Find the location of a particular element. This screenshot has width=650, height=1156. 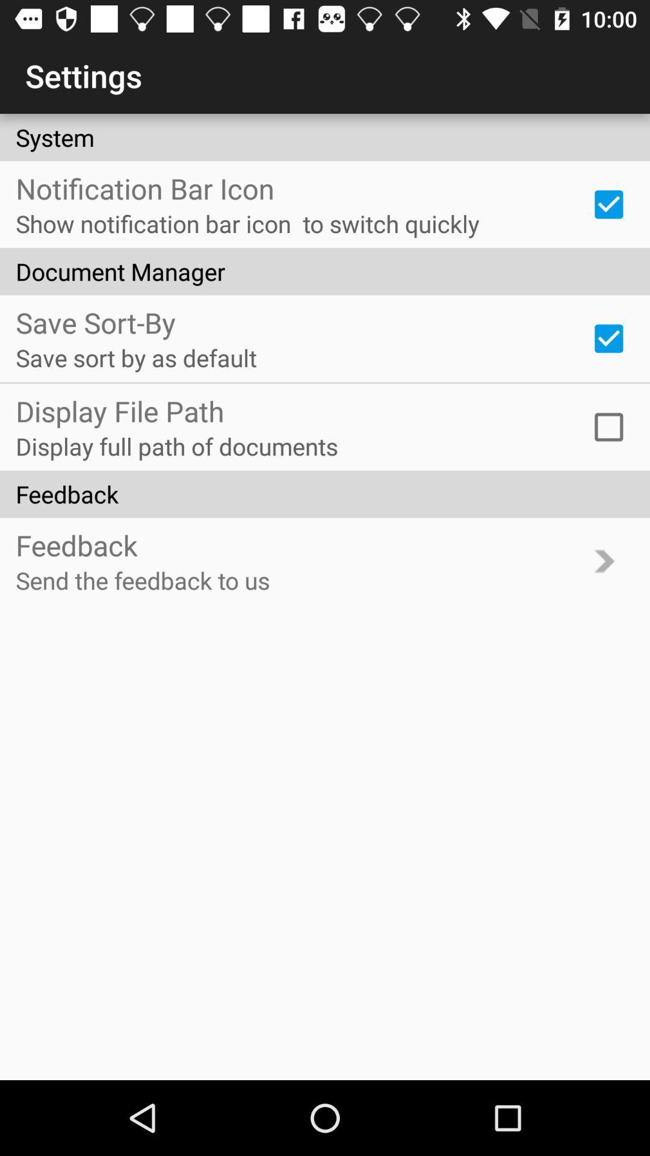

display file path is located at coordinates (608, 427).